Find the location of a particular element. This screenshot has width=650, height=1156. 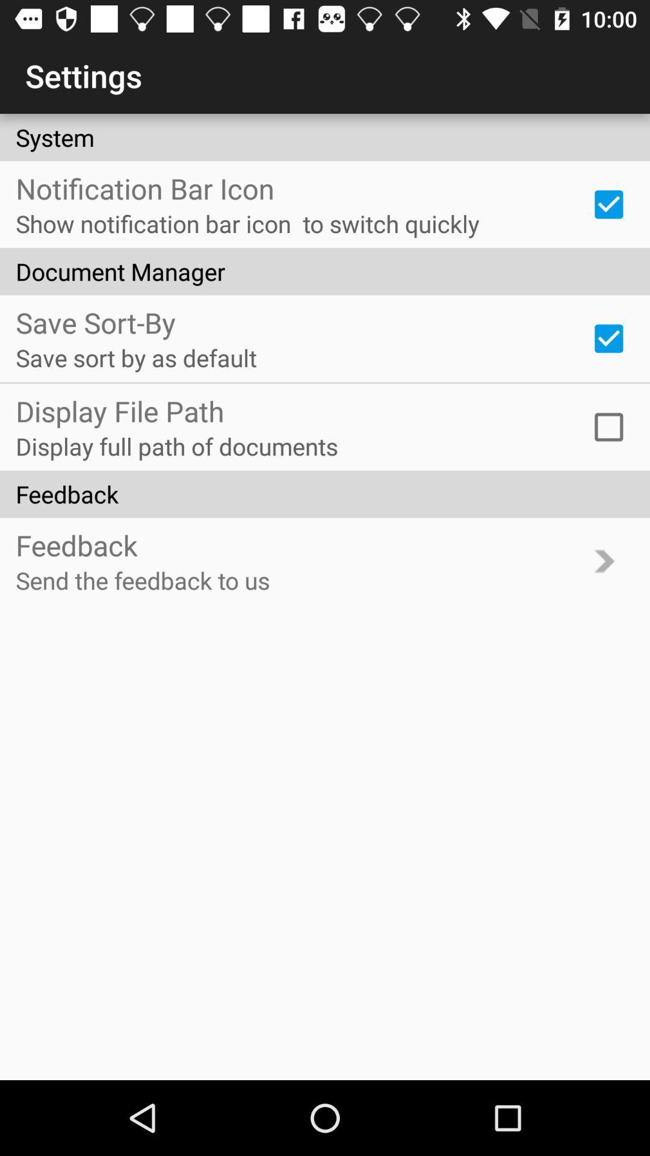

display file path is located at coordinates (608, 427).